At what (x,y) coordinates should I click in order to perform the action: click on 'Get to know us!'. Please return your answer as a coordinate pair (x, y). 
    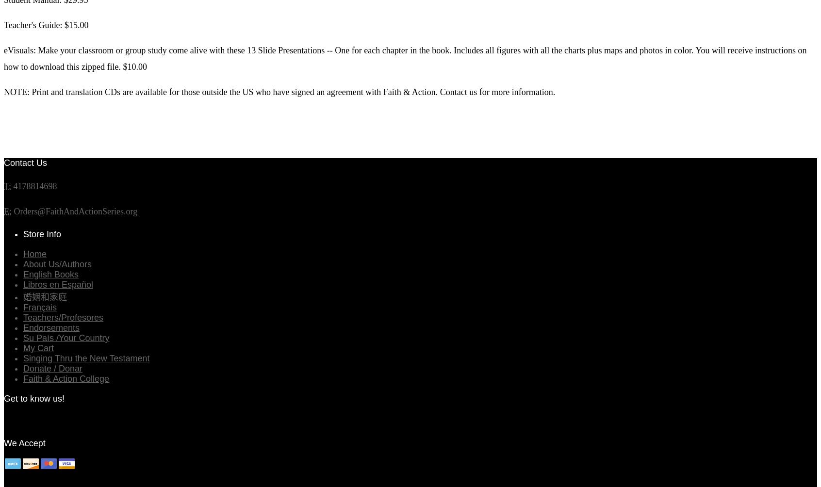
    Looking at the image, I should click on (33, 398).